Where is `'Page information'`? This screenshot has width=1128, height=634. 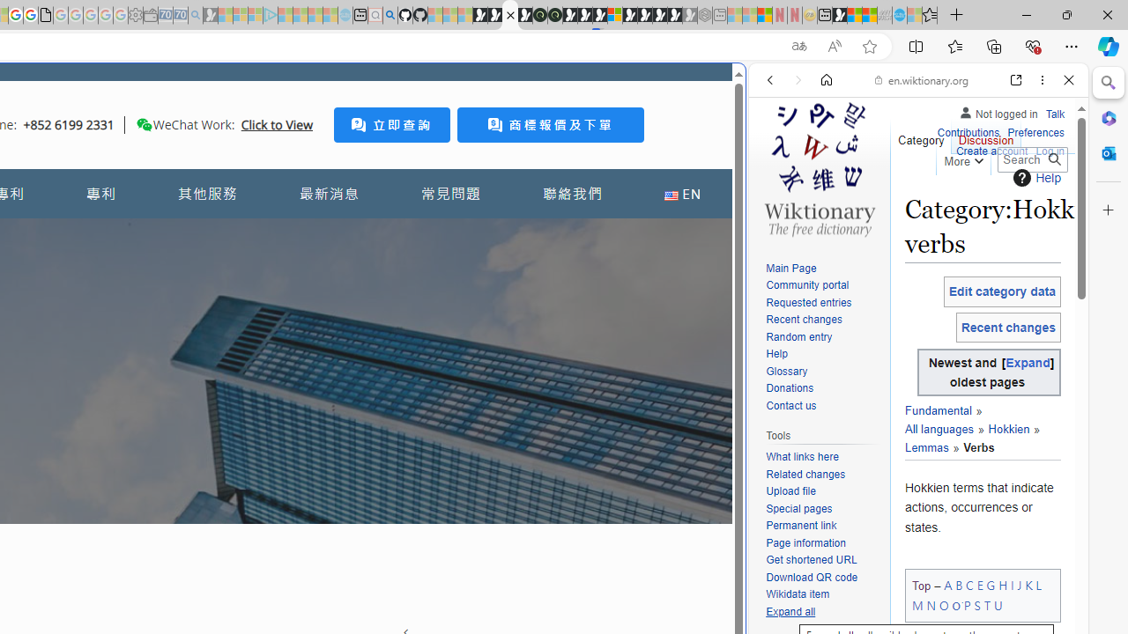 'Page information' is located at coordinates (805, 542).